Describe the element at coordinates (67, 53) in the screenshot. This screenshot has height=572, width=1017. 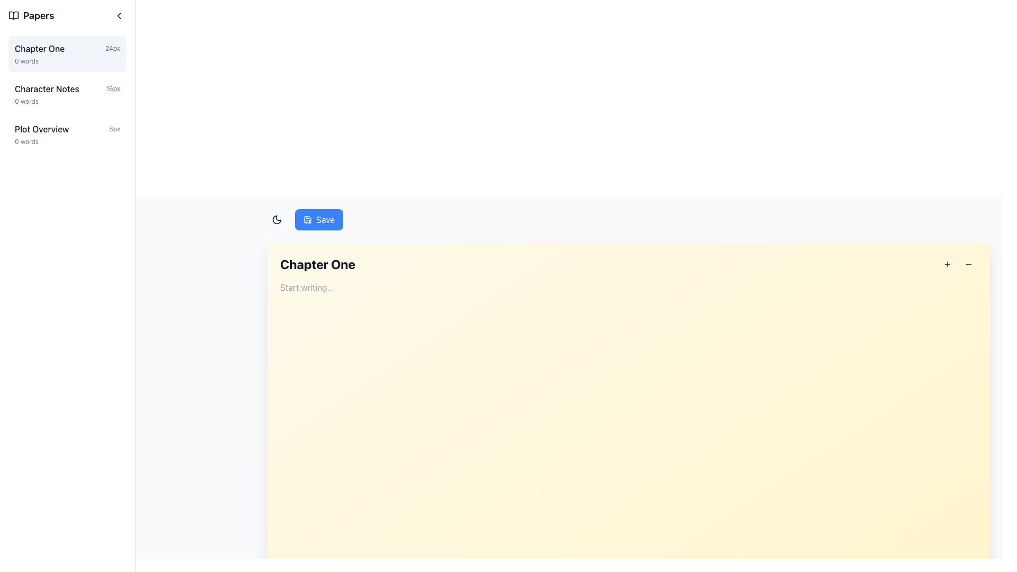
I see `the first item in the navigation menu that allows access to 'Chapter One', highlighting it` at that location.